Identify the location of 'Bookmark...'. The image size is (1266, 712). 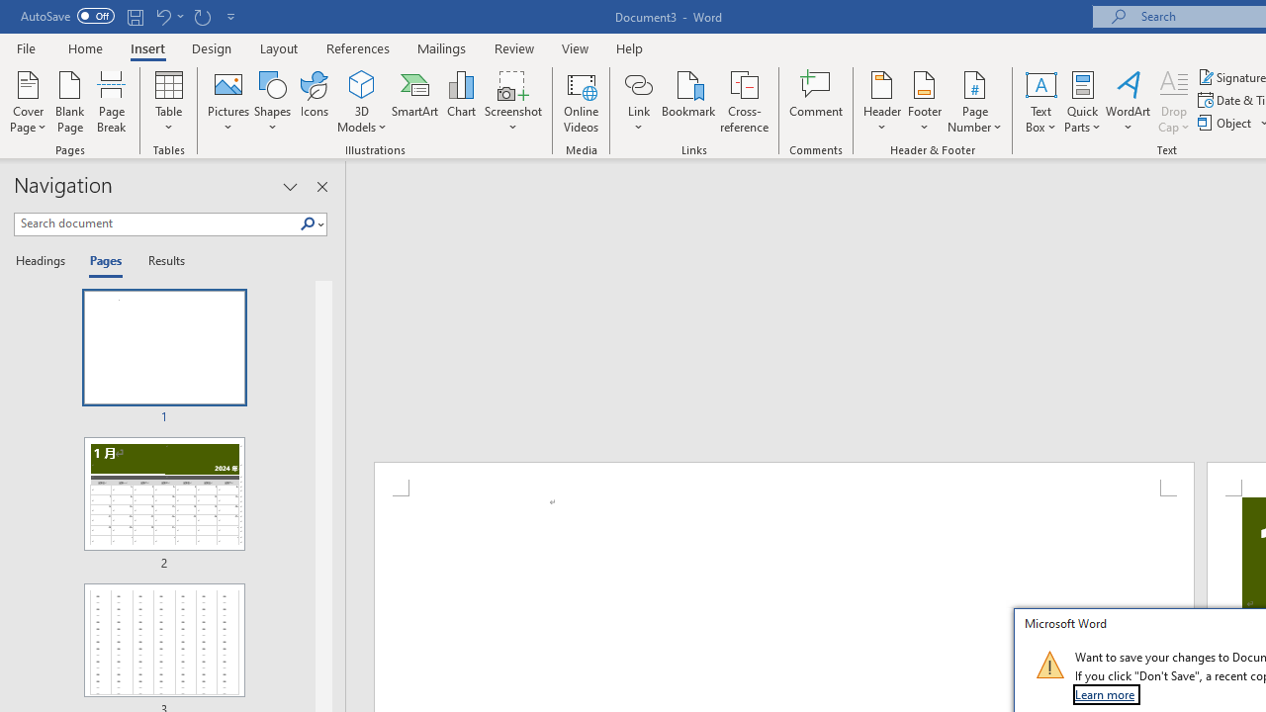
(688, 102).